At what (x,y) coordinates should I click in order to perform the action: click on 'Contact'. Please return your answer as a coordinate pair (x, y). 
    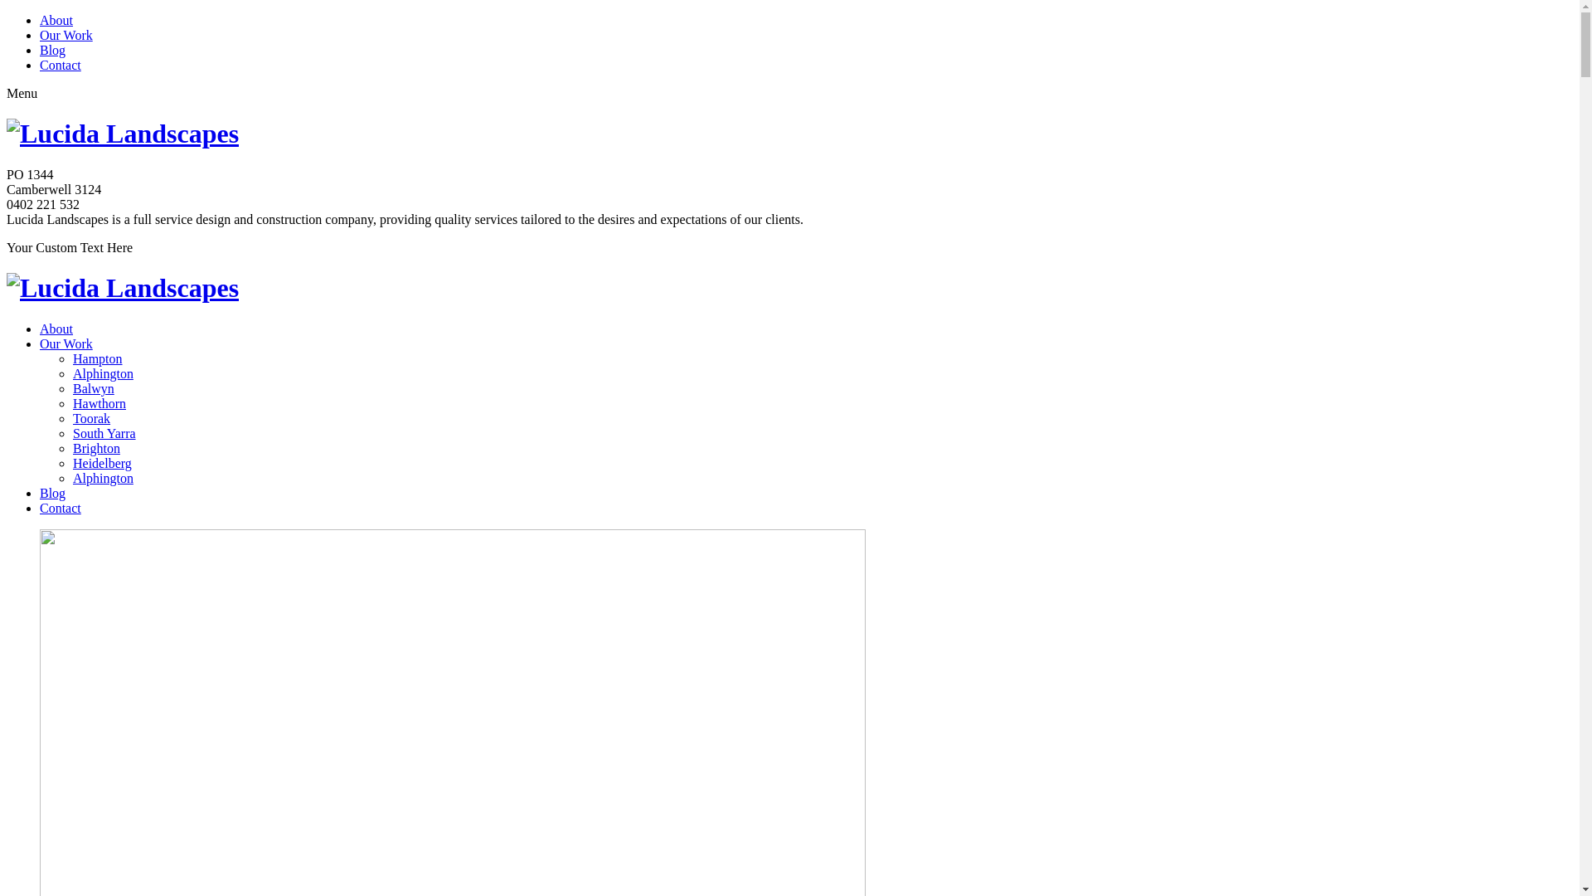
    Looking at the image, I should click on (60, 64).